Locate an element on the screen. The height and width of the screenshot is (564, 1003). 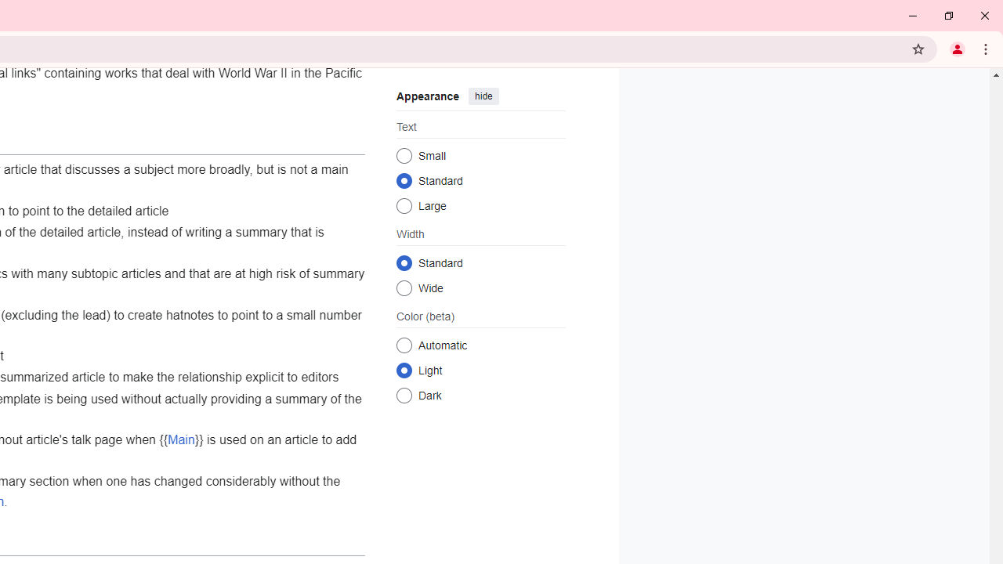
'Wide' is located at coordinates (404, 287).